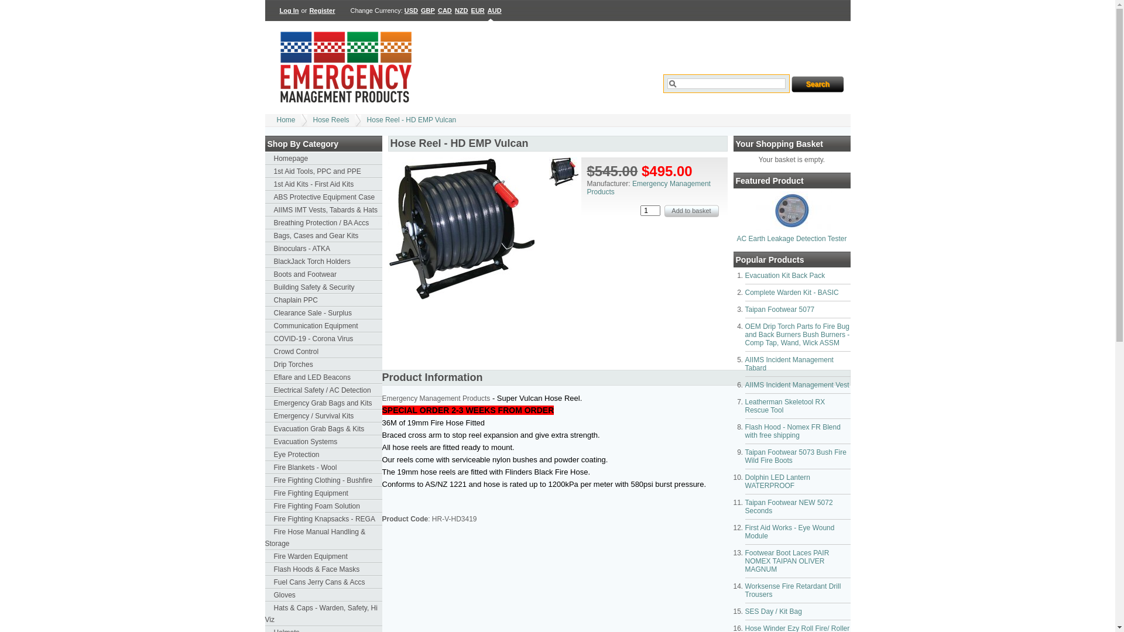 The image size is (1124, 632). Describe the element at coordinates (263, 223) in the screenshot. I see `'Breathing Protection / BA Accs'` at that location.